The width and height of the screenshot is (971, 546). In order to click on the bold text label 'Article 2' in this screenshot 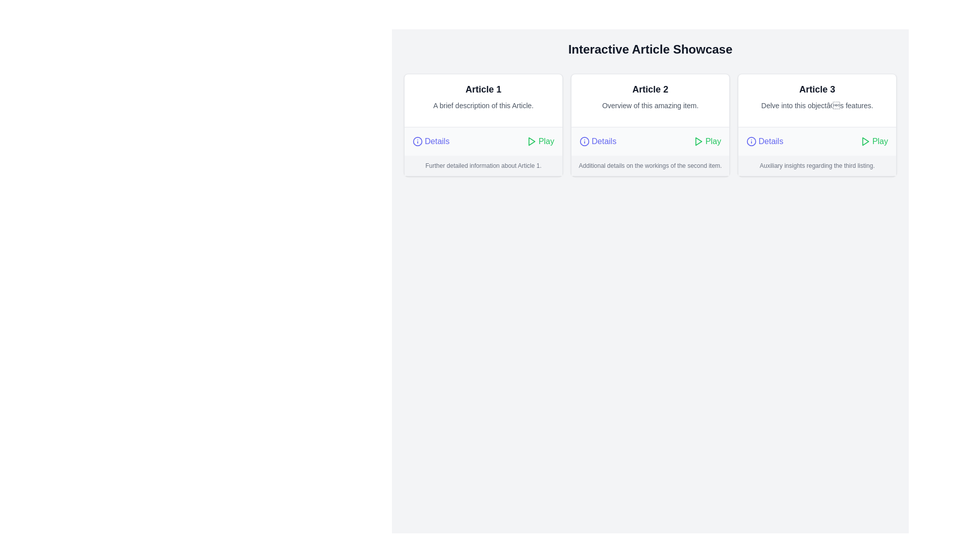, I will do `click(650, 89)`.